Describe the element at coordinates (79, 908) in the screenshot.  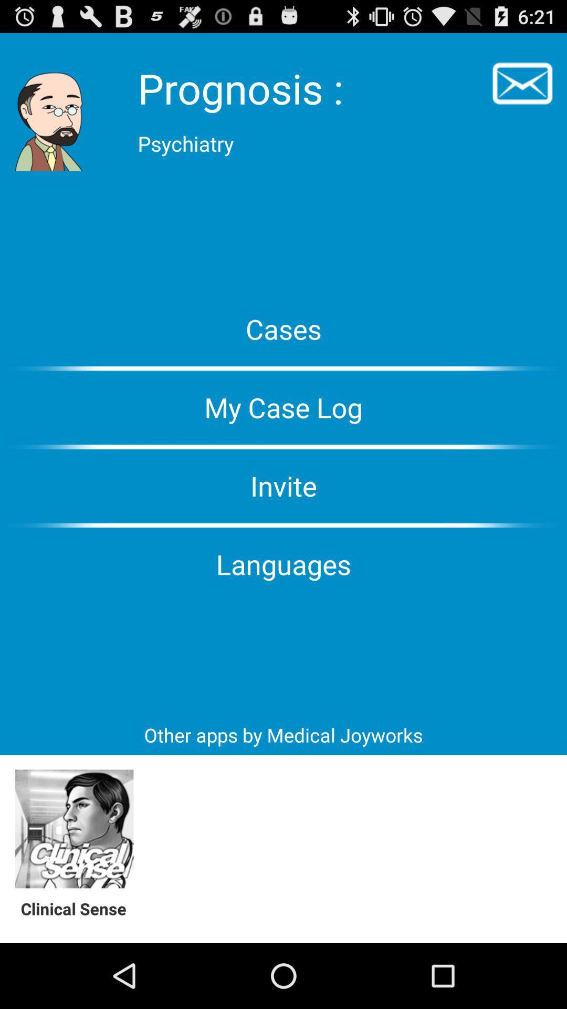
I see `the clinical sense item` at that location.